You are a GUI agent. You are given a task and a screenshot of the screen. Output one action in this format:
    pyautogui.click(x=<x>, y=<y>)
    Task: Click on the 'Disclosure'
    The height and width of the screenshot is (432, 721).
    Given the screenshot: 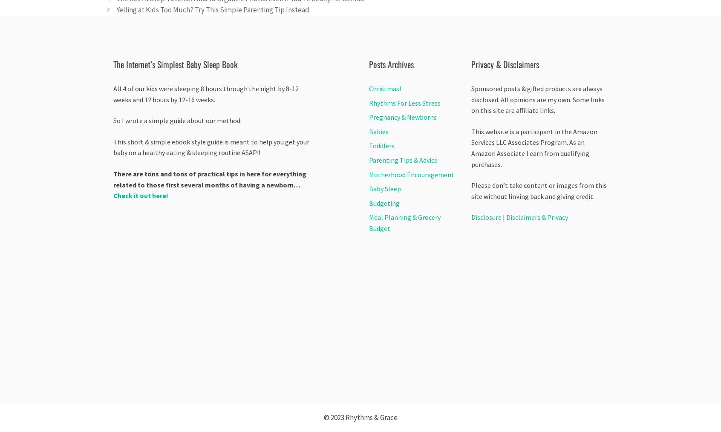 What is the action you would take?
    pyautogui.click(x=471, y=217)
    